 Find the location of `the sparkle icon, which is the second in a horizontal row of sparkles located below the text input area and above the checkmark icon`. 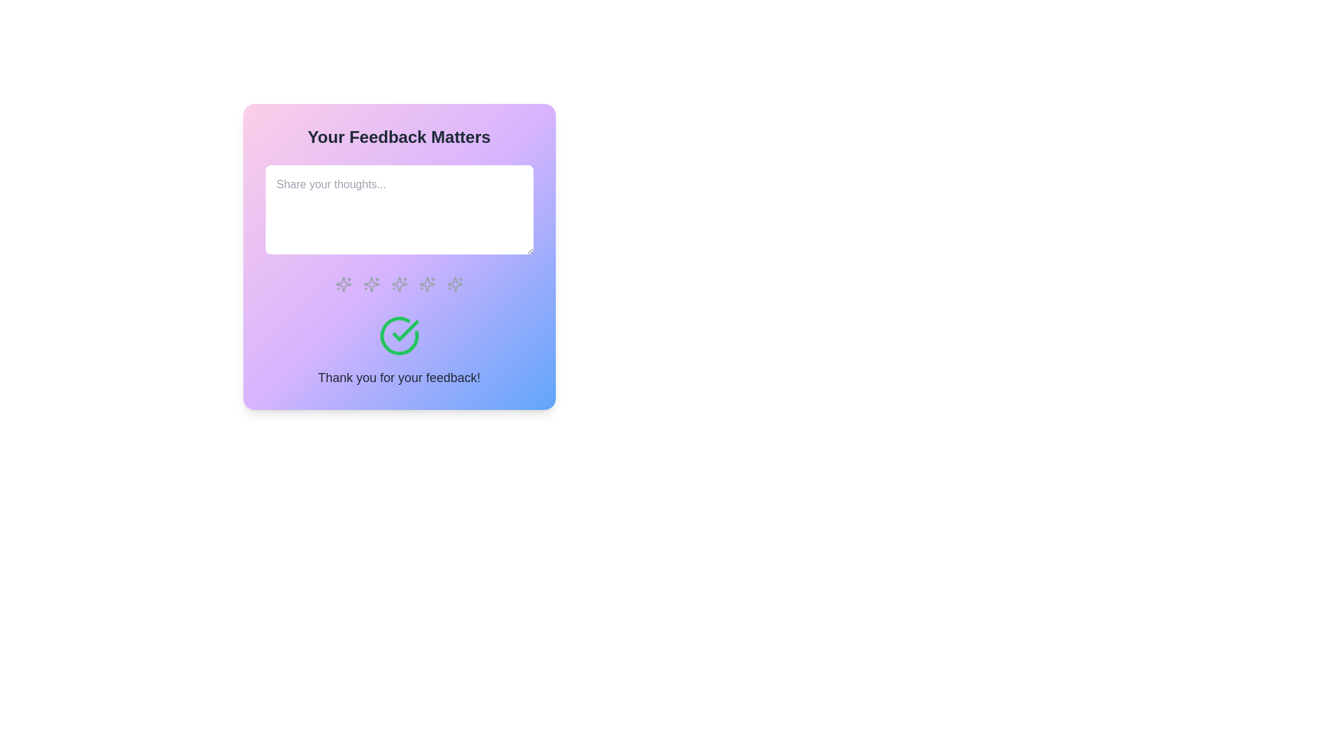

the sparkle icon, which is the second in a horizontal row of sparkles located below the text input area and above the checkmark icon is located at coordinates (371, 284).